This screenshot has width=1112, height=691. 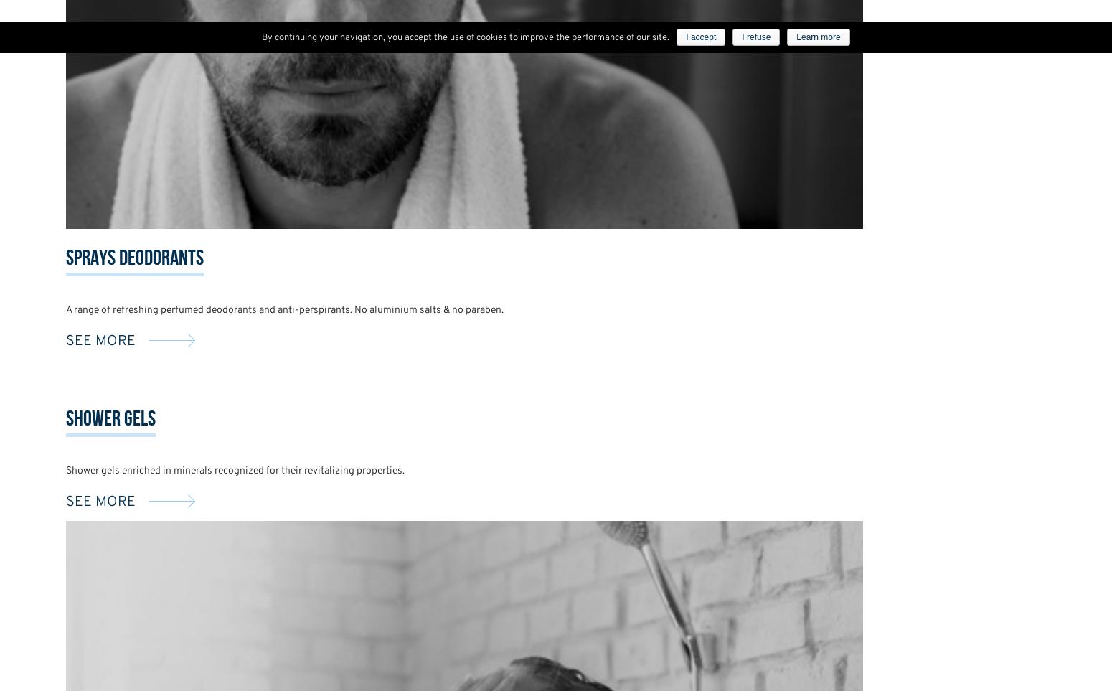 What do you see at coordinates (795, 37) in the screenshot?
I see `'Learn more'` at bounding box center [795, 37].